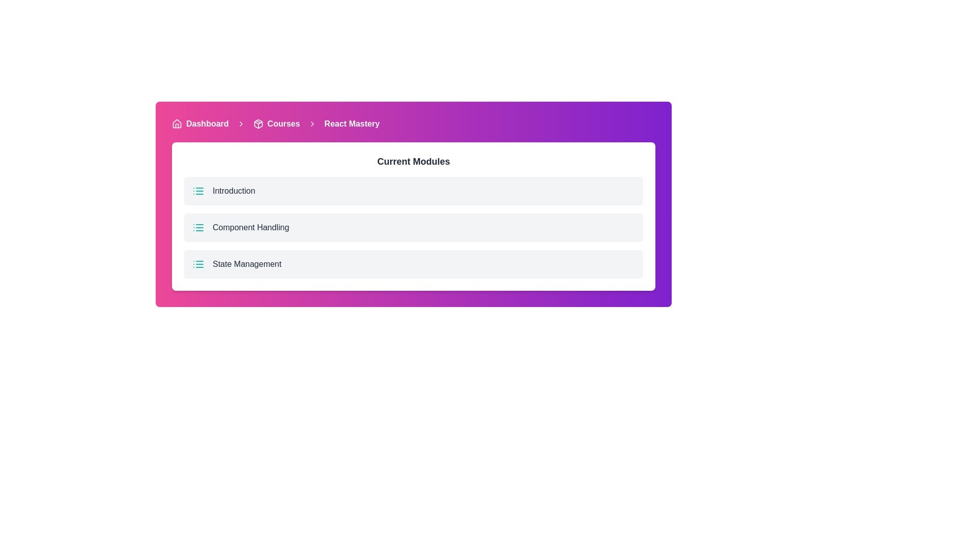 This screenshot has height=549, width=977. What do you see at coordinates (247, 264) in the screenshot?
I see `the 'State Management' label, which is styled with dark gray text and is the third item in the 'Current Modules' section, located beneath 'Component Handling'` at bounding box center [247, 264].